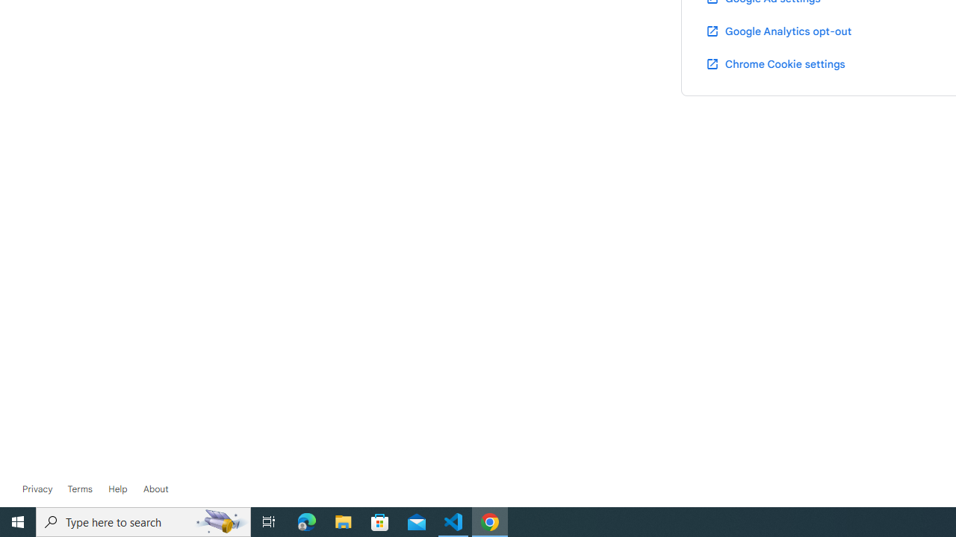  What do you see at coordinates (155, 489) in the screenshot?
I see `'Learn more about Google Account'` at bounding box center [155, 489].